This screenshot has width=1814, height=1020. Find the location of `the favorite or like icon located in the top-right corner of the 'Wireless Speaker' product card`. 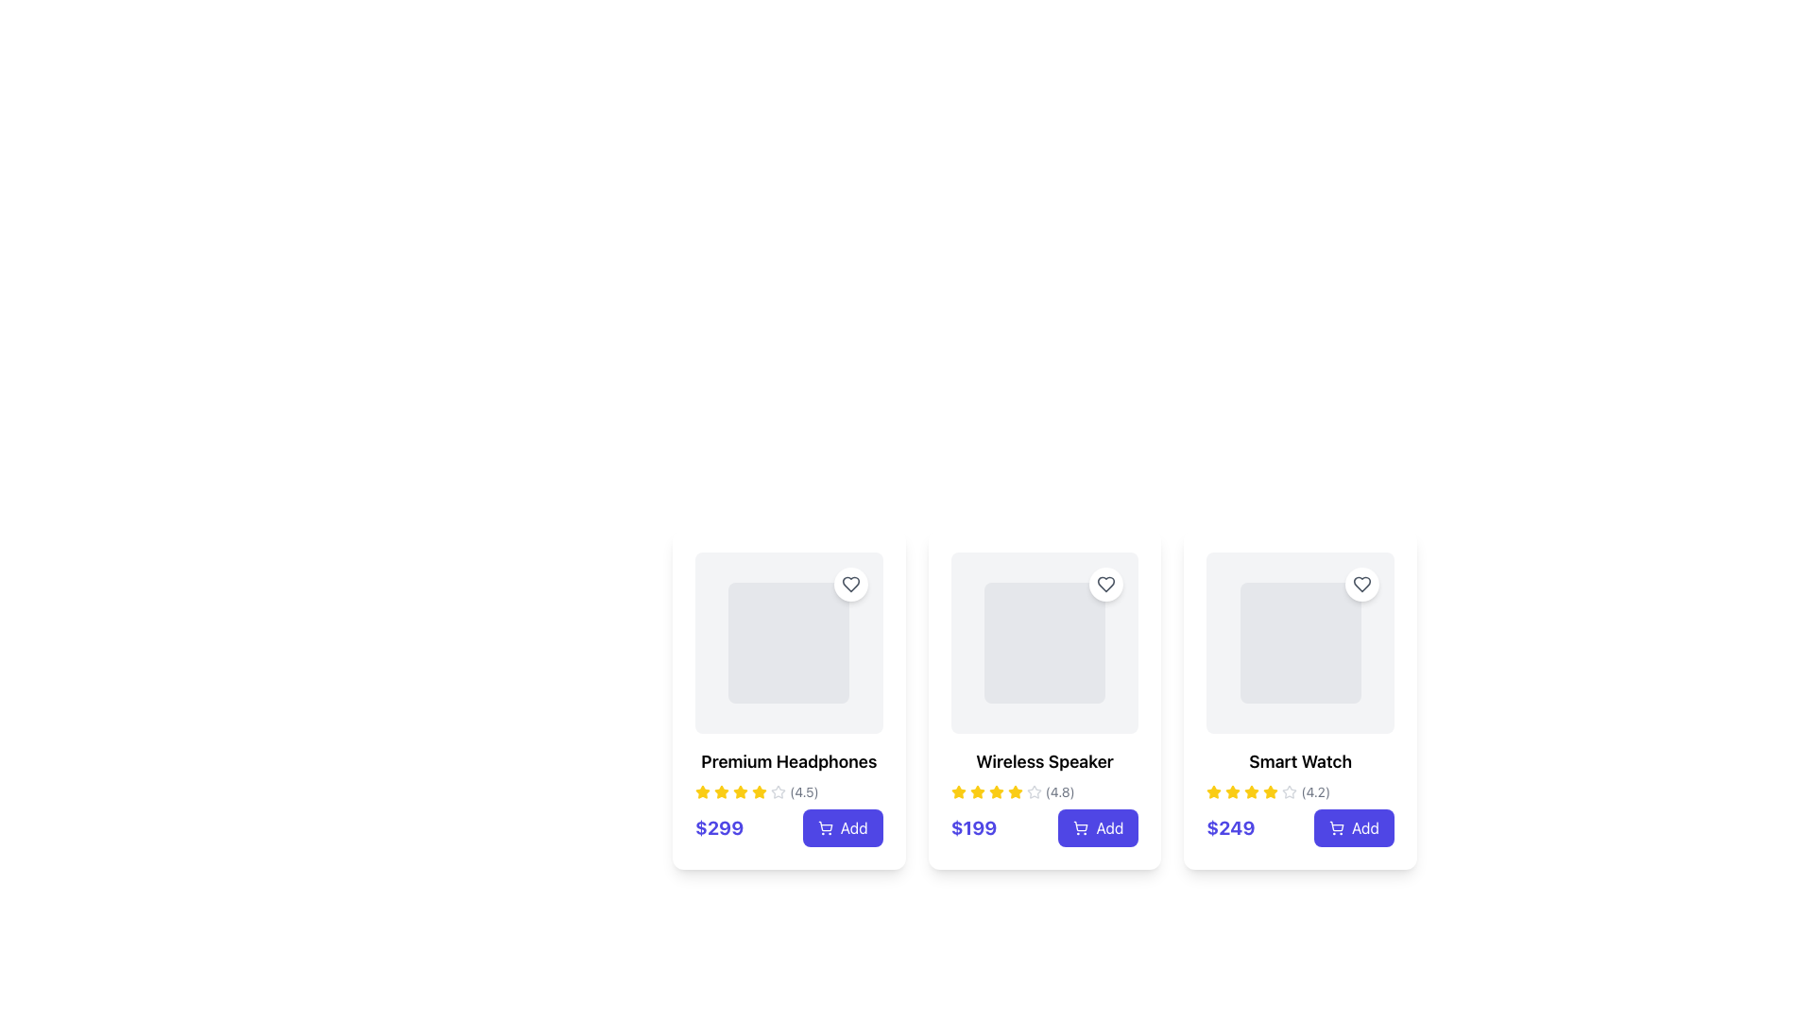

the favorite or like icon located in the top-right corner of the 'Wireless Speaker' product card is located at coordinates (1106, 583).